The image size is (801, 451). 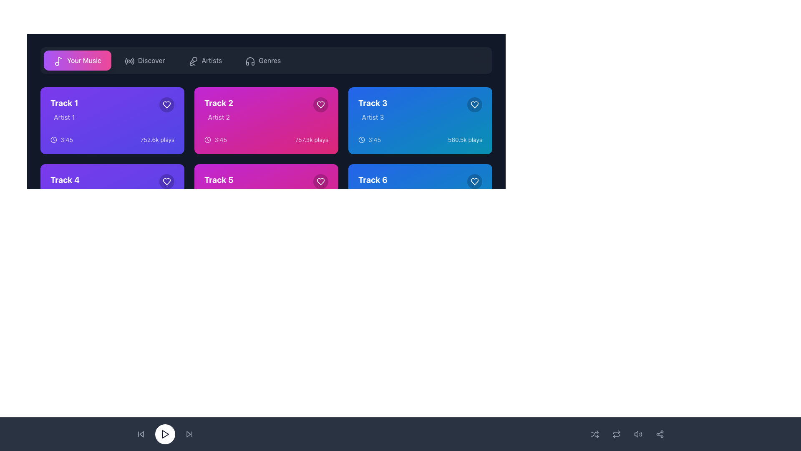 What do you see at coordinates (166, 434) in the screenshot?
I see `the triangular play icon located within the circular button at the bottom center of the interface to play content` at bounding box center [166, 434].